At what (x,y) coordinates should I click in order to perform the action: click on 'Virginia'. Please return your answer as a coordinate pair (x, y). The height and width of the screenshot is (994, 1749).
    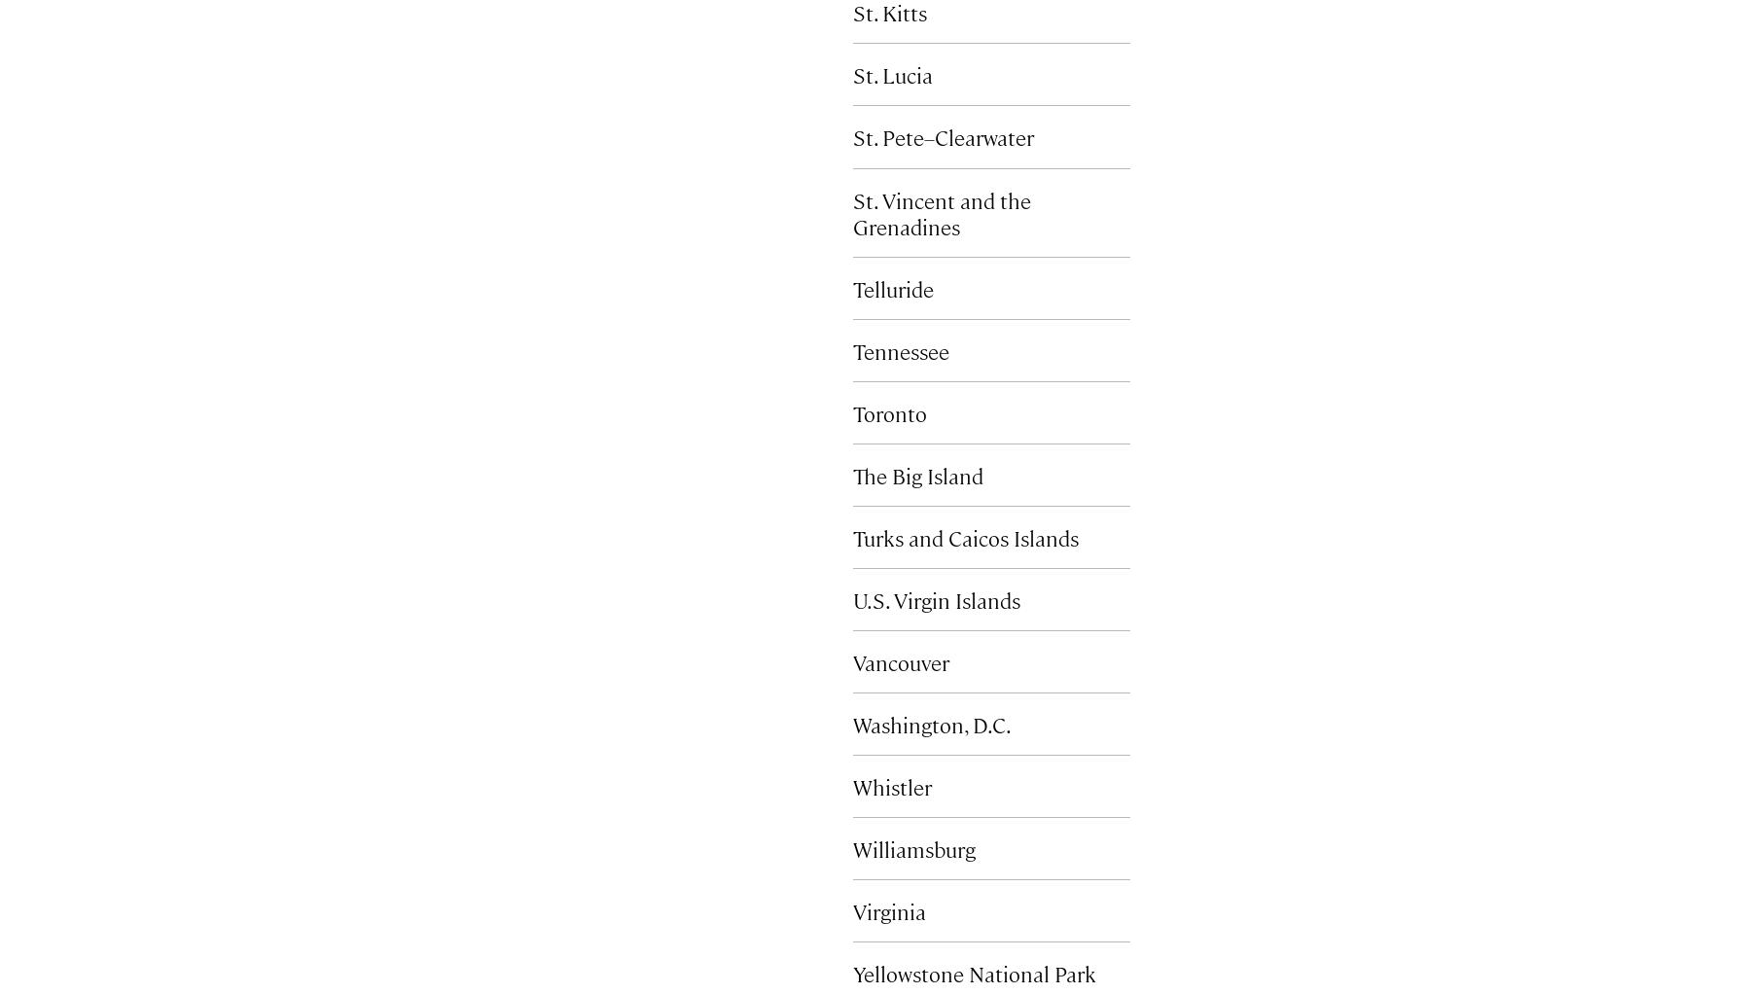
    Looking at the image, I should click on (888, 910).